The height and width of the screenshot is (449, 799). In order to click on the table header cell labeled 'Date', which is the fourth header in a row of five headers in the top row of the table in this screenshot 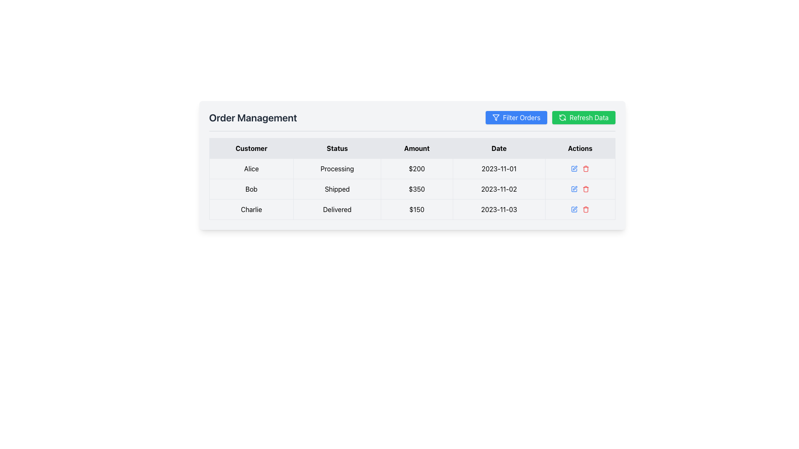, I will do `click(499, 148)`.